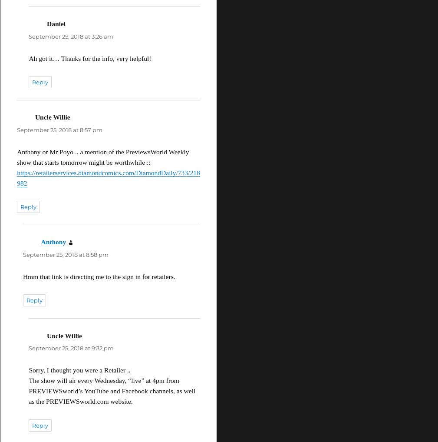  Describe the element at coordinates (98, 276) in the screenshot. I see `'Hmm that link is directing me to the sign in for retailers.'` at that location.